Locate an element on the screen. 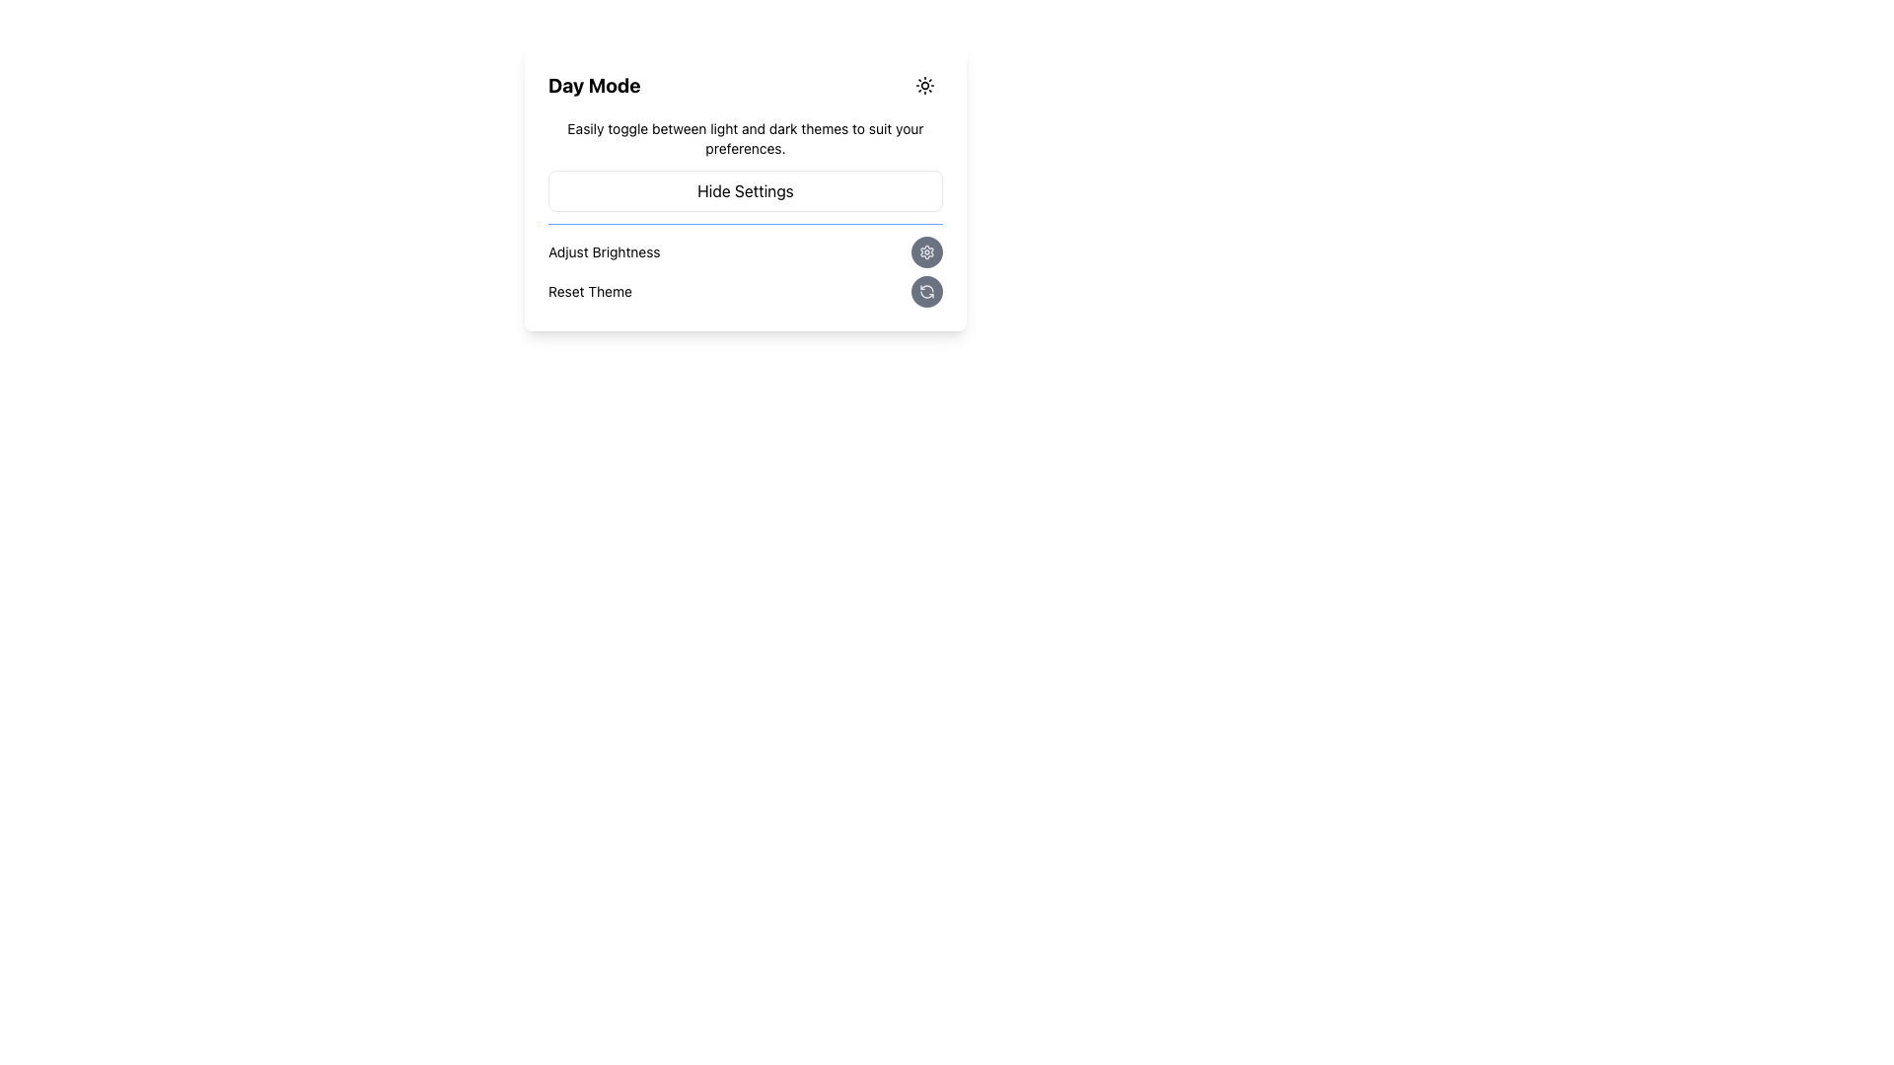 Image resolution: width=1894 pixels, height=1065 pixels. the circular button located immediately underneath the 'Adjust Brightness' option in the settings panel to reset the application's theme to its default setting is located at coordinates (744, 292).